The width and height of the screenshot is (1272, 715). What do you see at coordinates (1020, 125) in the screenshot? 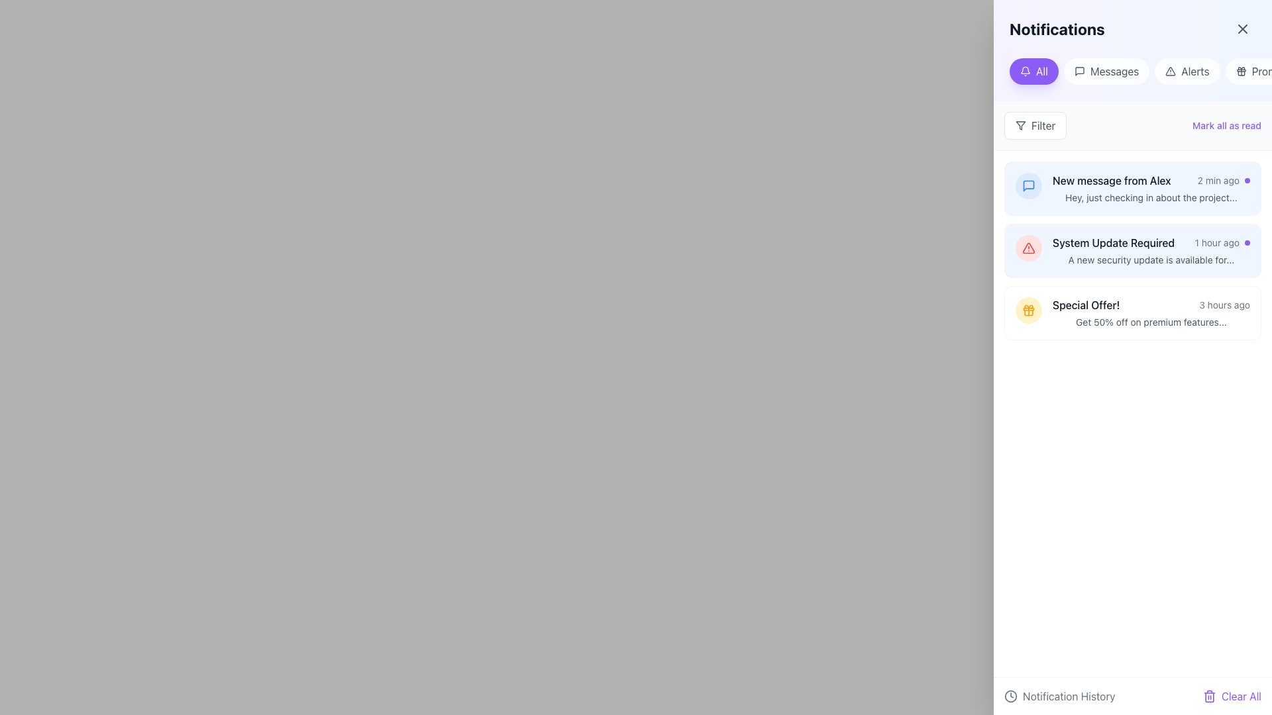
I see `the triangular filter icon located within the 'Filter' button in the notifications panel` at bounding box center [1020, 125].